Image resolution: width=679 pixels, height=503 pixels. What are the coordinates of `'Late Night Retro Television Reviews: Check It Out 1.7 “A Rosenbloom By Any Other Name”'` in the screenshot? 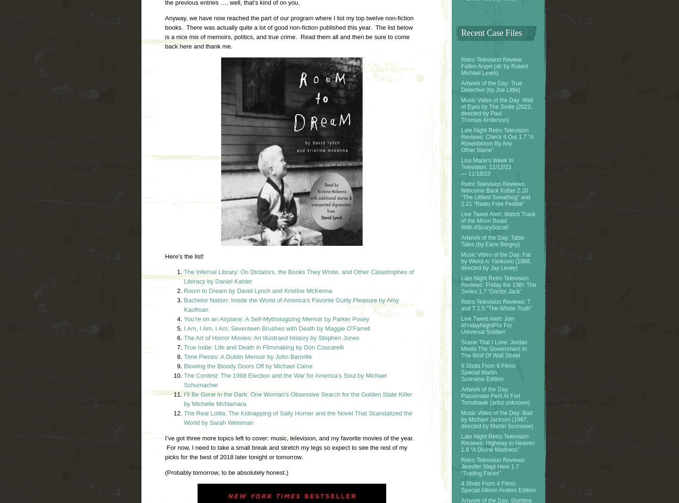 It's located at (497, 139).